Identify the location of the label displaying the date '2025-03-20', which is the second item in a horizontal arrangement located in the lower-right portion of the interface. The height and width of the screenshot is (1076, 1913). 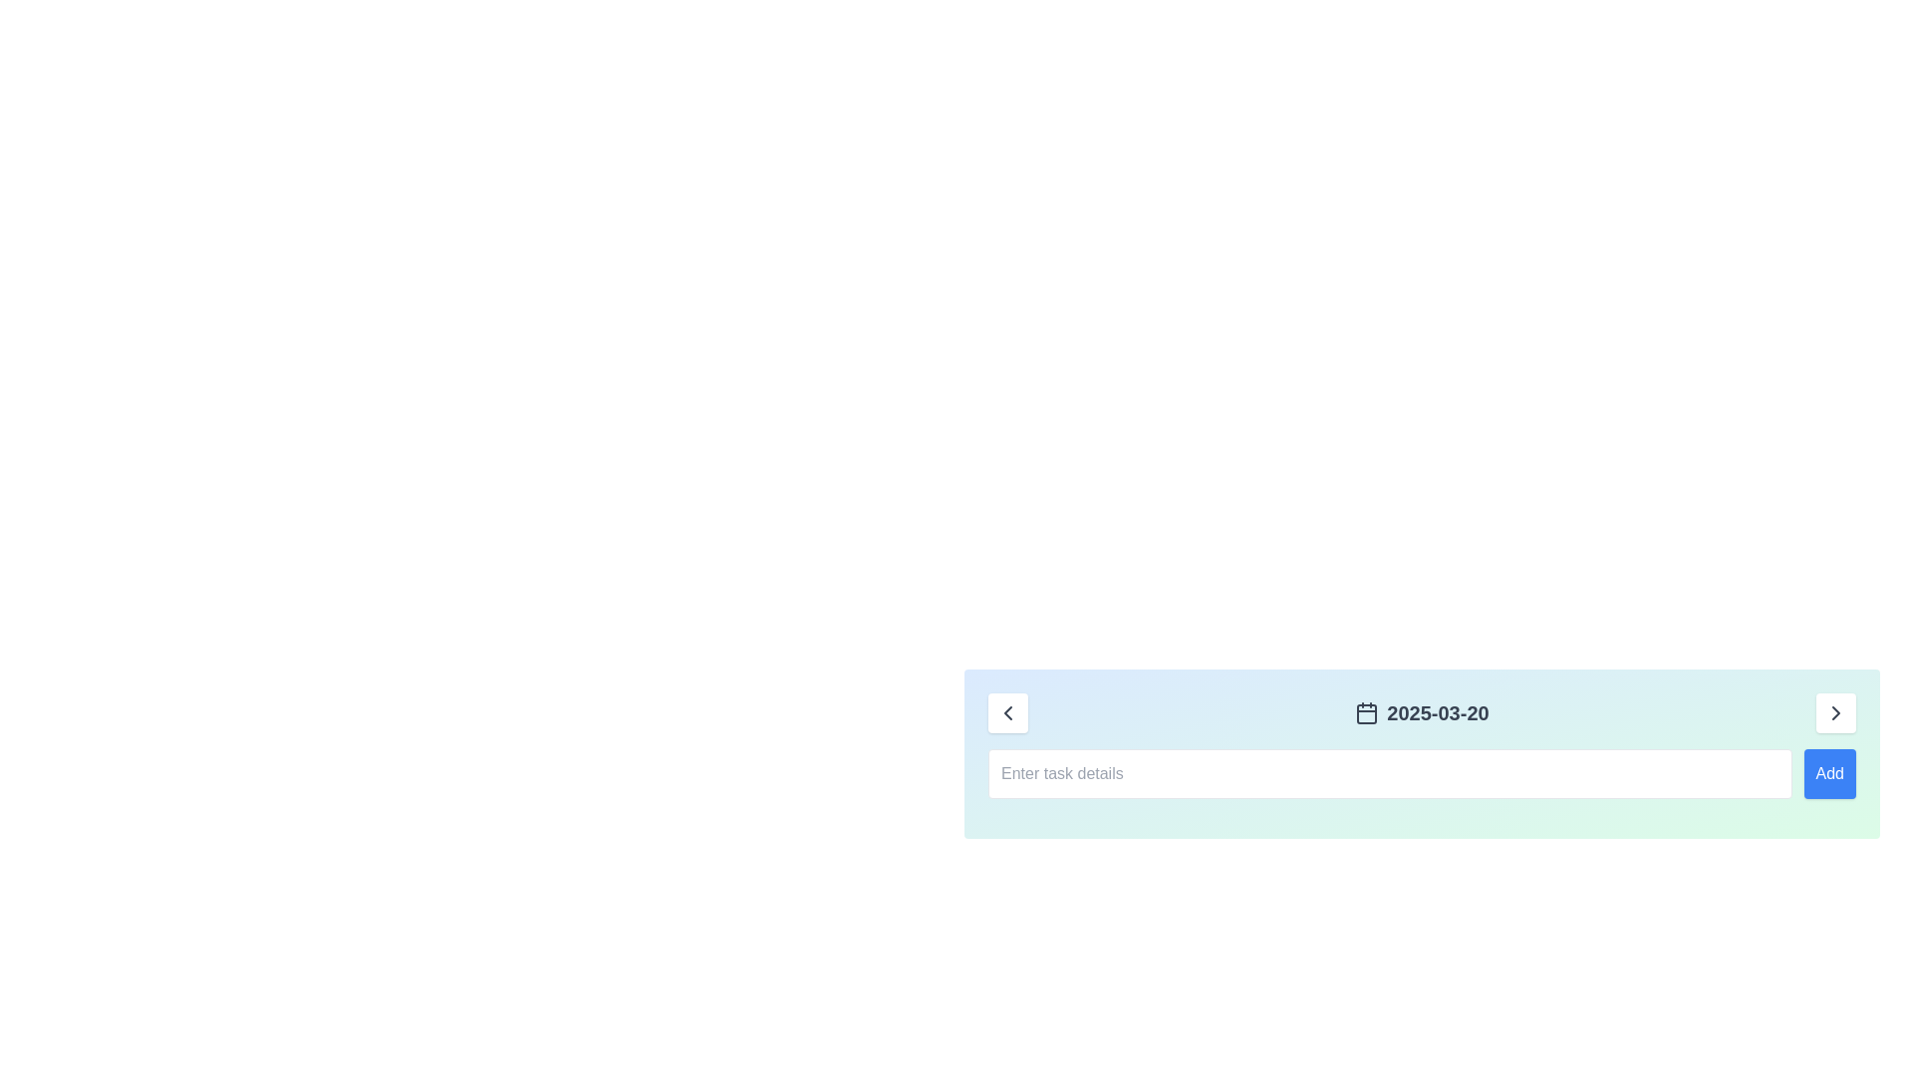
(1438, 712).